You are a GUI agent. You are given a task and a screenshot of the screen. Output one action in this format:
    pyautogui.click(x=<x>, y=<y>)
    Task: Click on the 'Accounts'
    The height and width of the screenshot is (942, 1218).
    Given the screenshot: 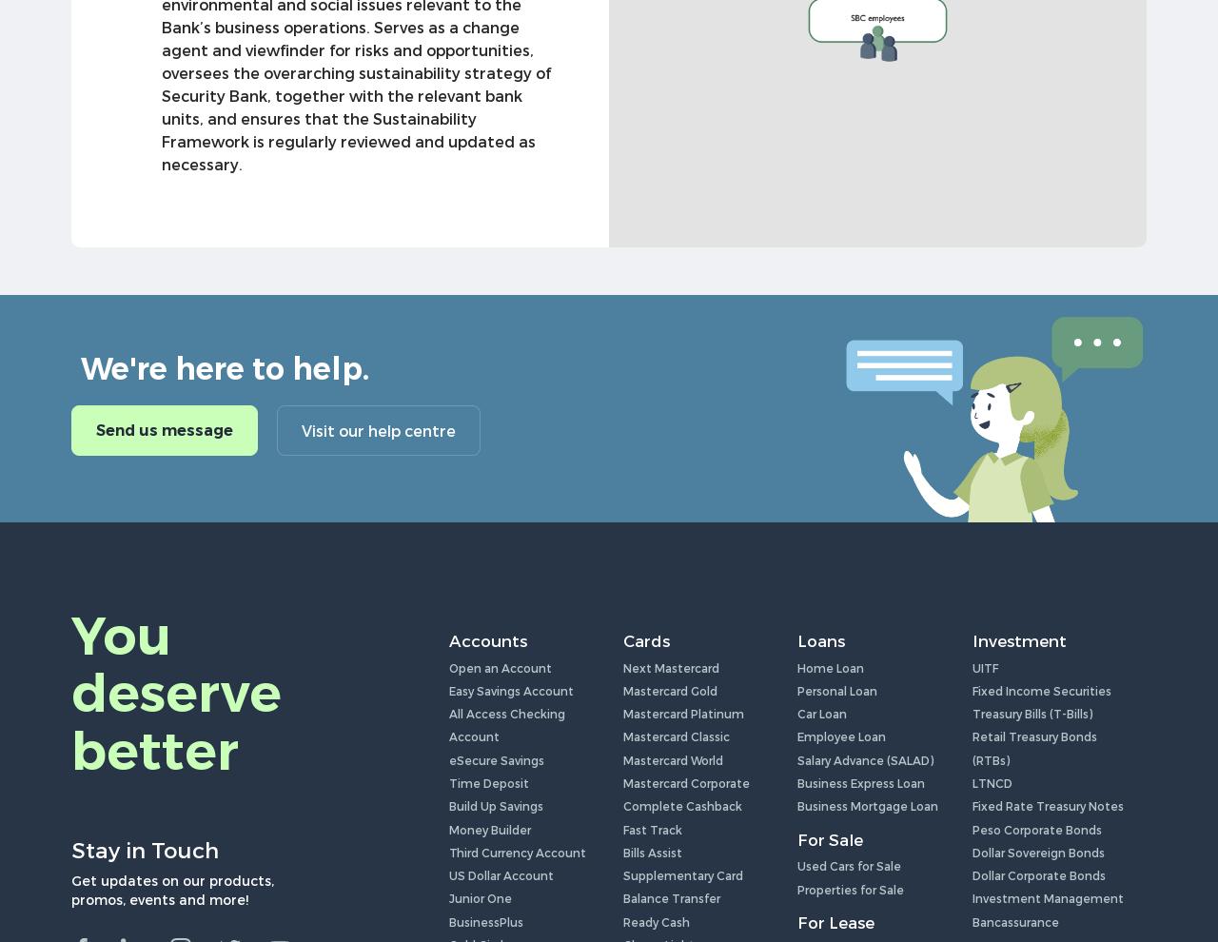 What is the action you would take?
    pyautogui.click(x=487, y=639)
    